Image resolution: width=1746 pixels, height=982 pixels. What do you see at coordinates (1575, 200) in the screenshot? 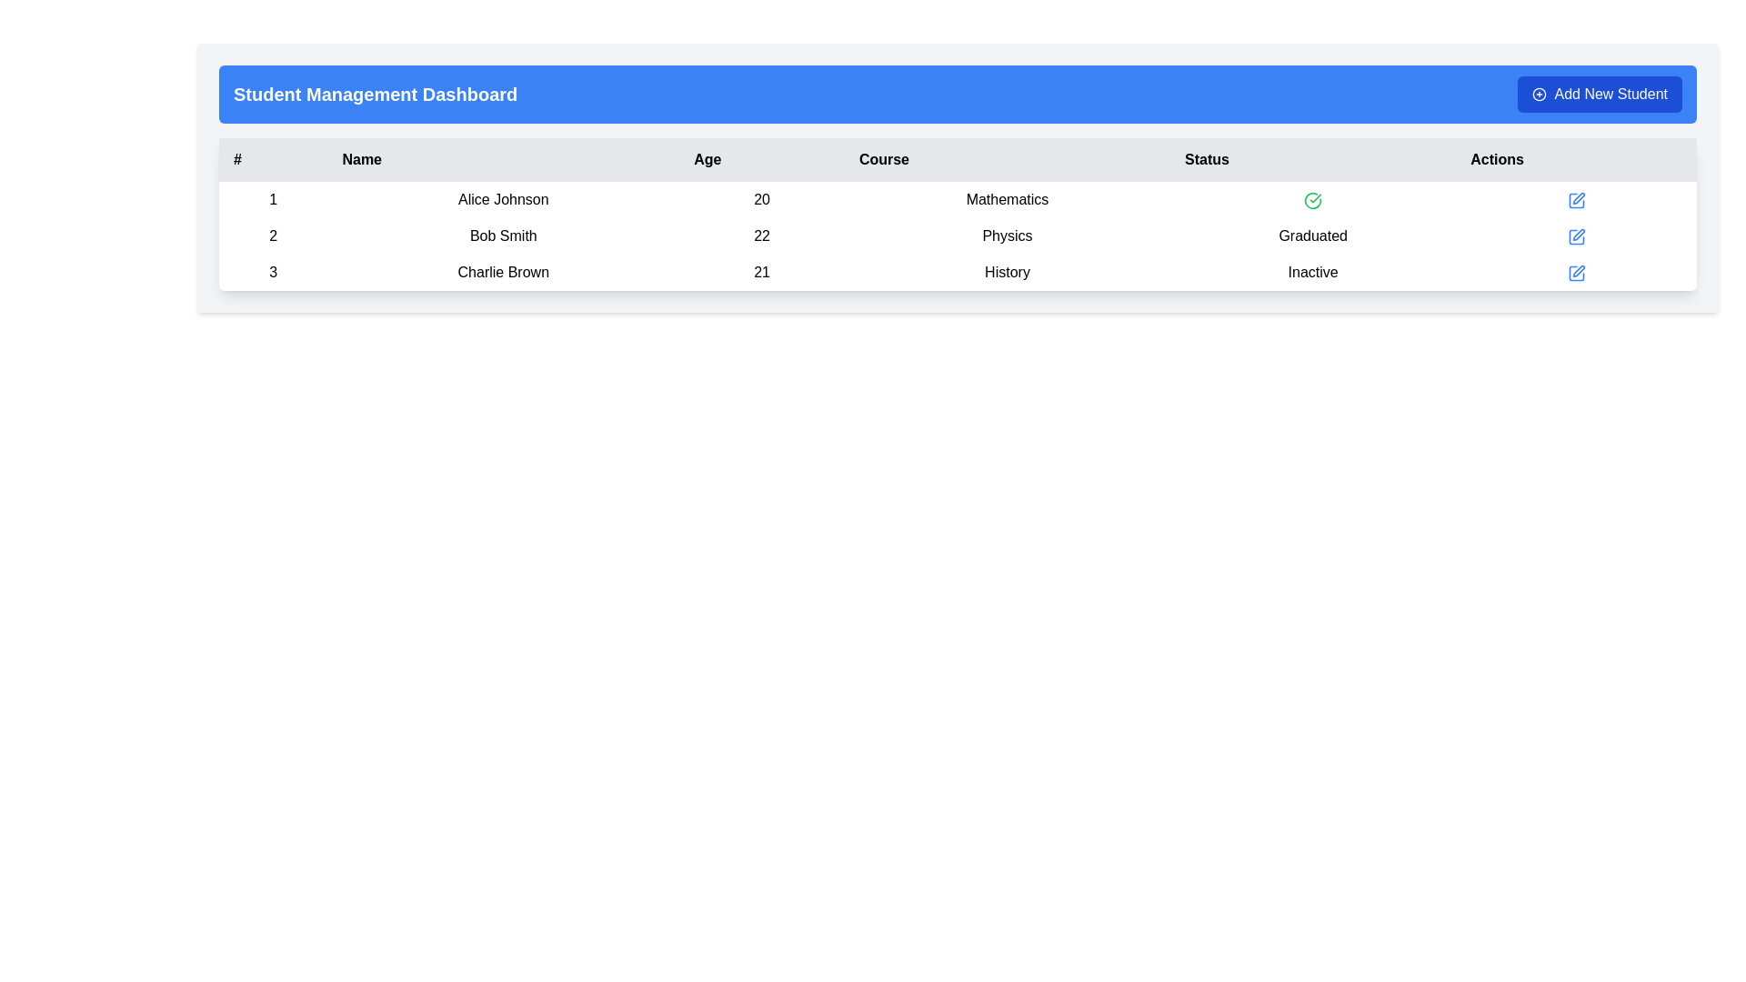
I see `the rectangular icon with a pen symbol in the 'Actions' column, which is the first row of data` at bounding box center [1575, 200].